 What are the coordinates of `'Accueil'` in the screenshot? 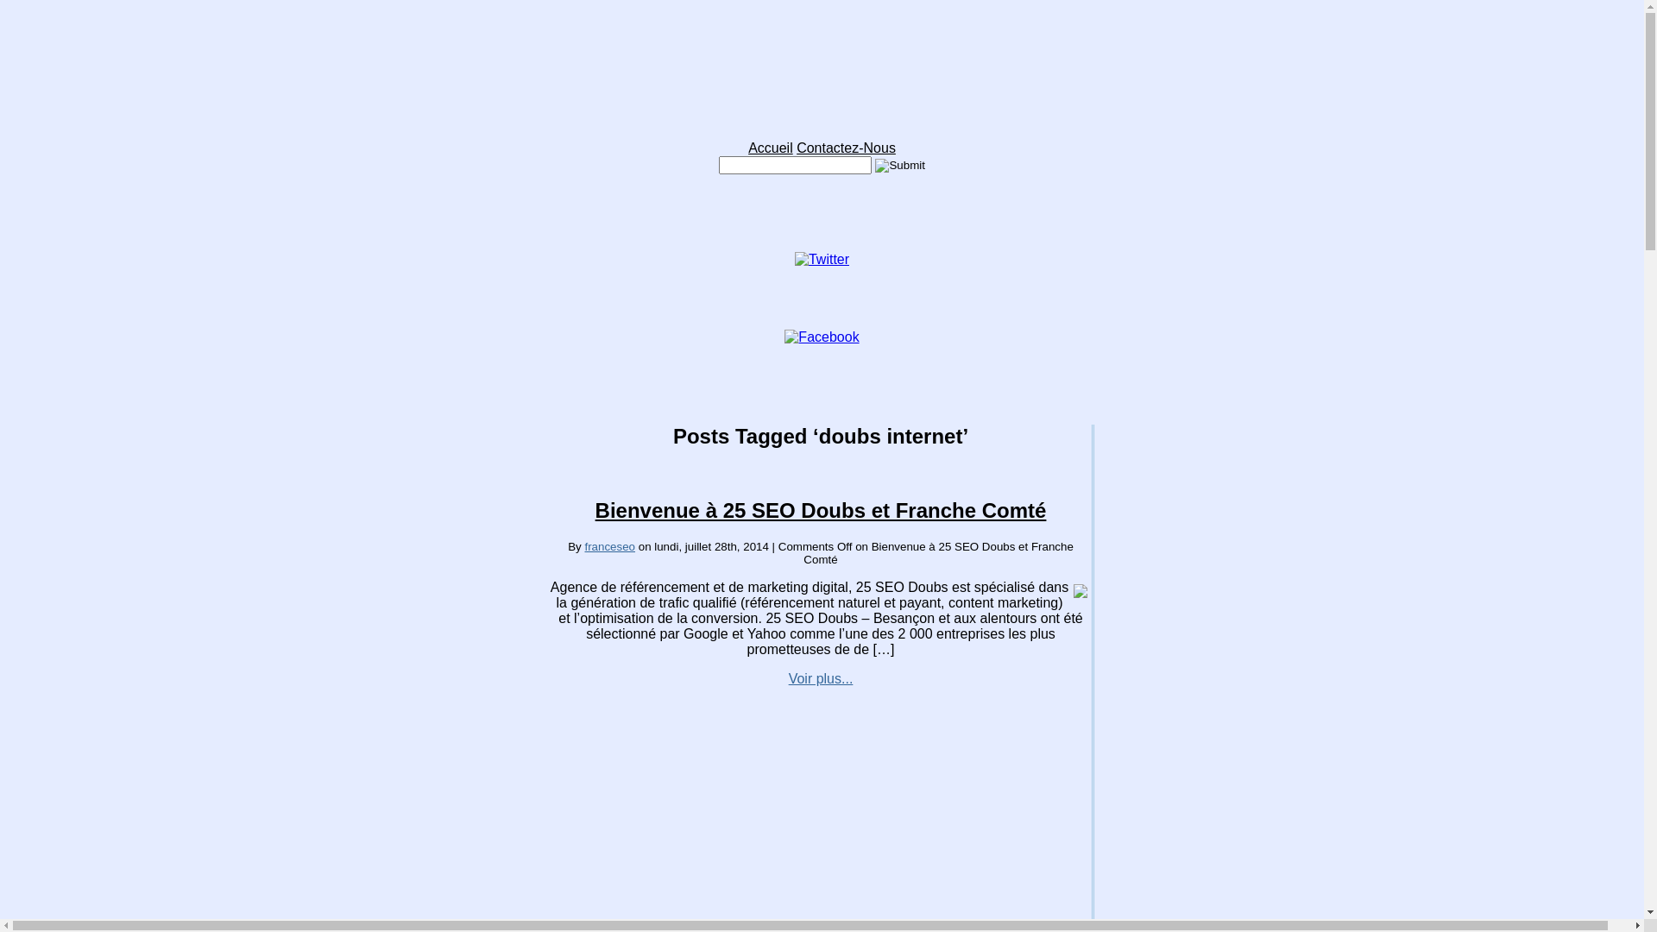 It's located at (769, 147).